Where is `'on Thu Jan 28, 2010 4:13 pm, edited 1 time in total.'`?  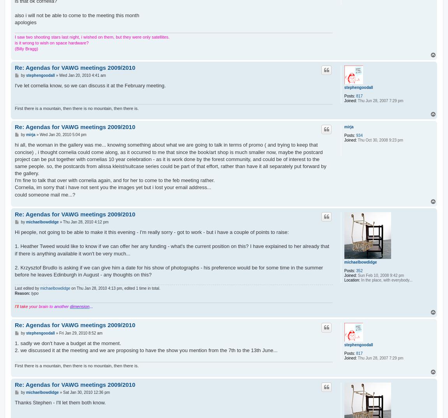
'on Thu Jan 28, 2010 4:13 pm, edited 1 time in total.' is located at coordinates (115, 288).